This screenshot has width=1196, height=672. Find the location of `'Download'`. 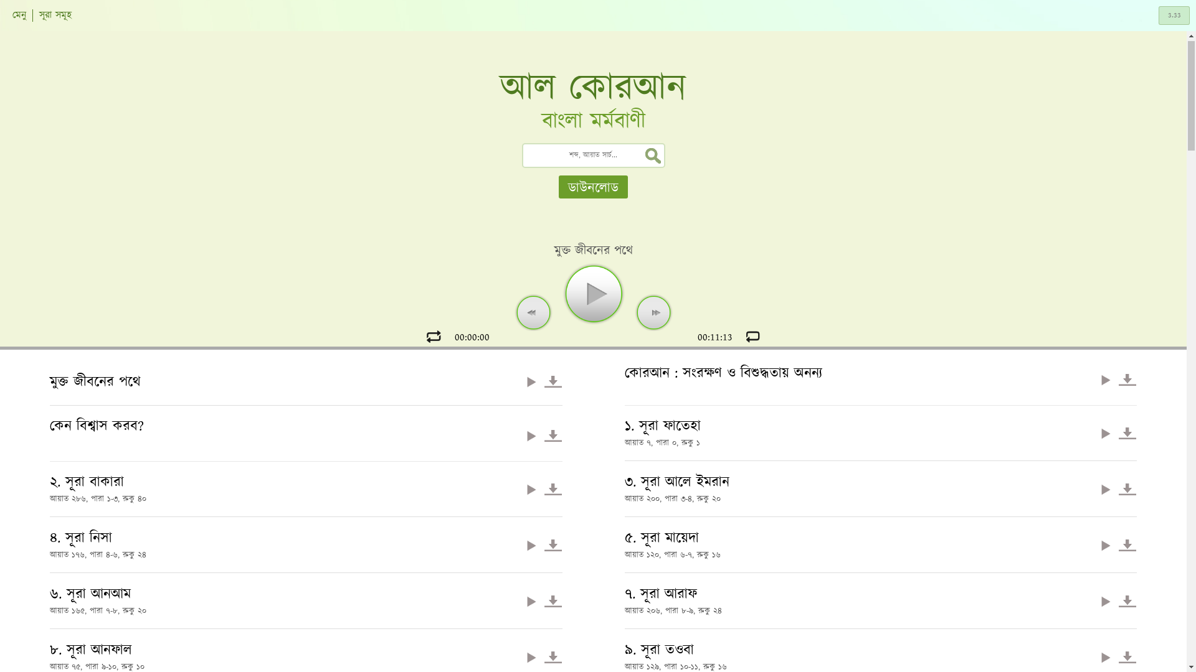

'Download' is located at coordinates (552, 656).